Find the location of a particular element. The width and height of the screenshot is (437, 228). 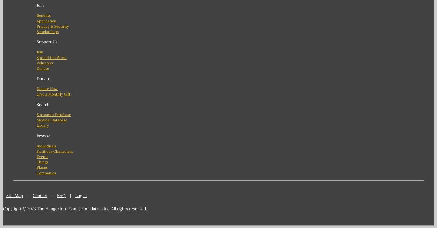

'Application' is located at coordinates (46, 21).